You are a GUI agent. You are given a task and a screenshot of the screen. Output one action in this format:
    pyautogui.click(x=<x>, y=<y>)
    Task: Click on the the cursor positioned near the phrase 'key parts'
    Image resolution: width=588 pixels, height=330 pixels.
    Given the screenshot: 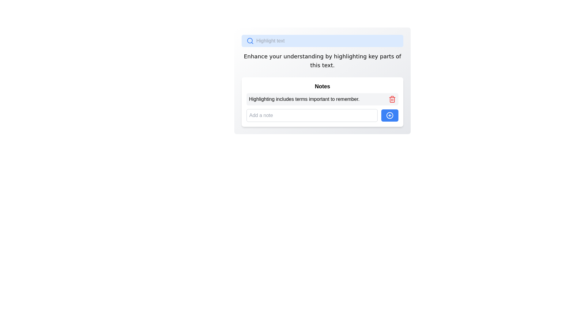 What is the action you would take?
    pyautogui.click(x=379, y=56)
    